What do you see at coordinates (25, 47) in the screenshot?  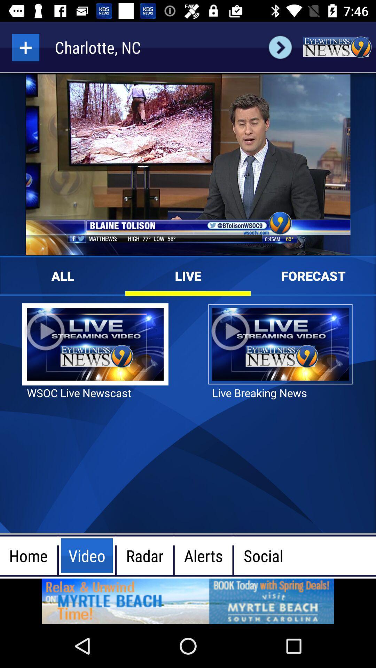 I see `add to feature` at bounding box center [25, 47].